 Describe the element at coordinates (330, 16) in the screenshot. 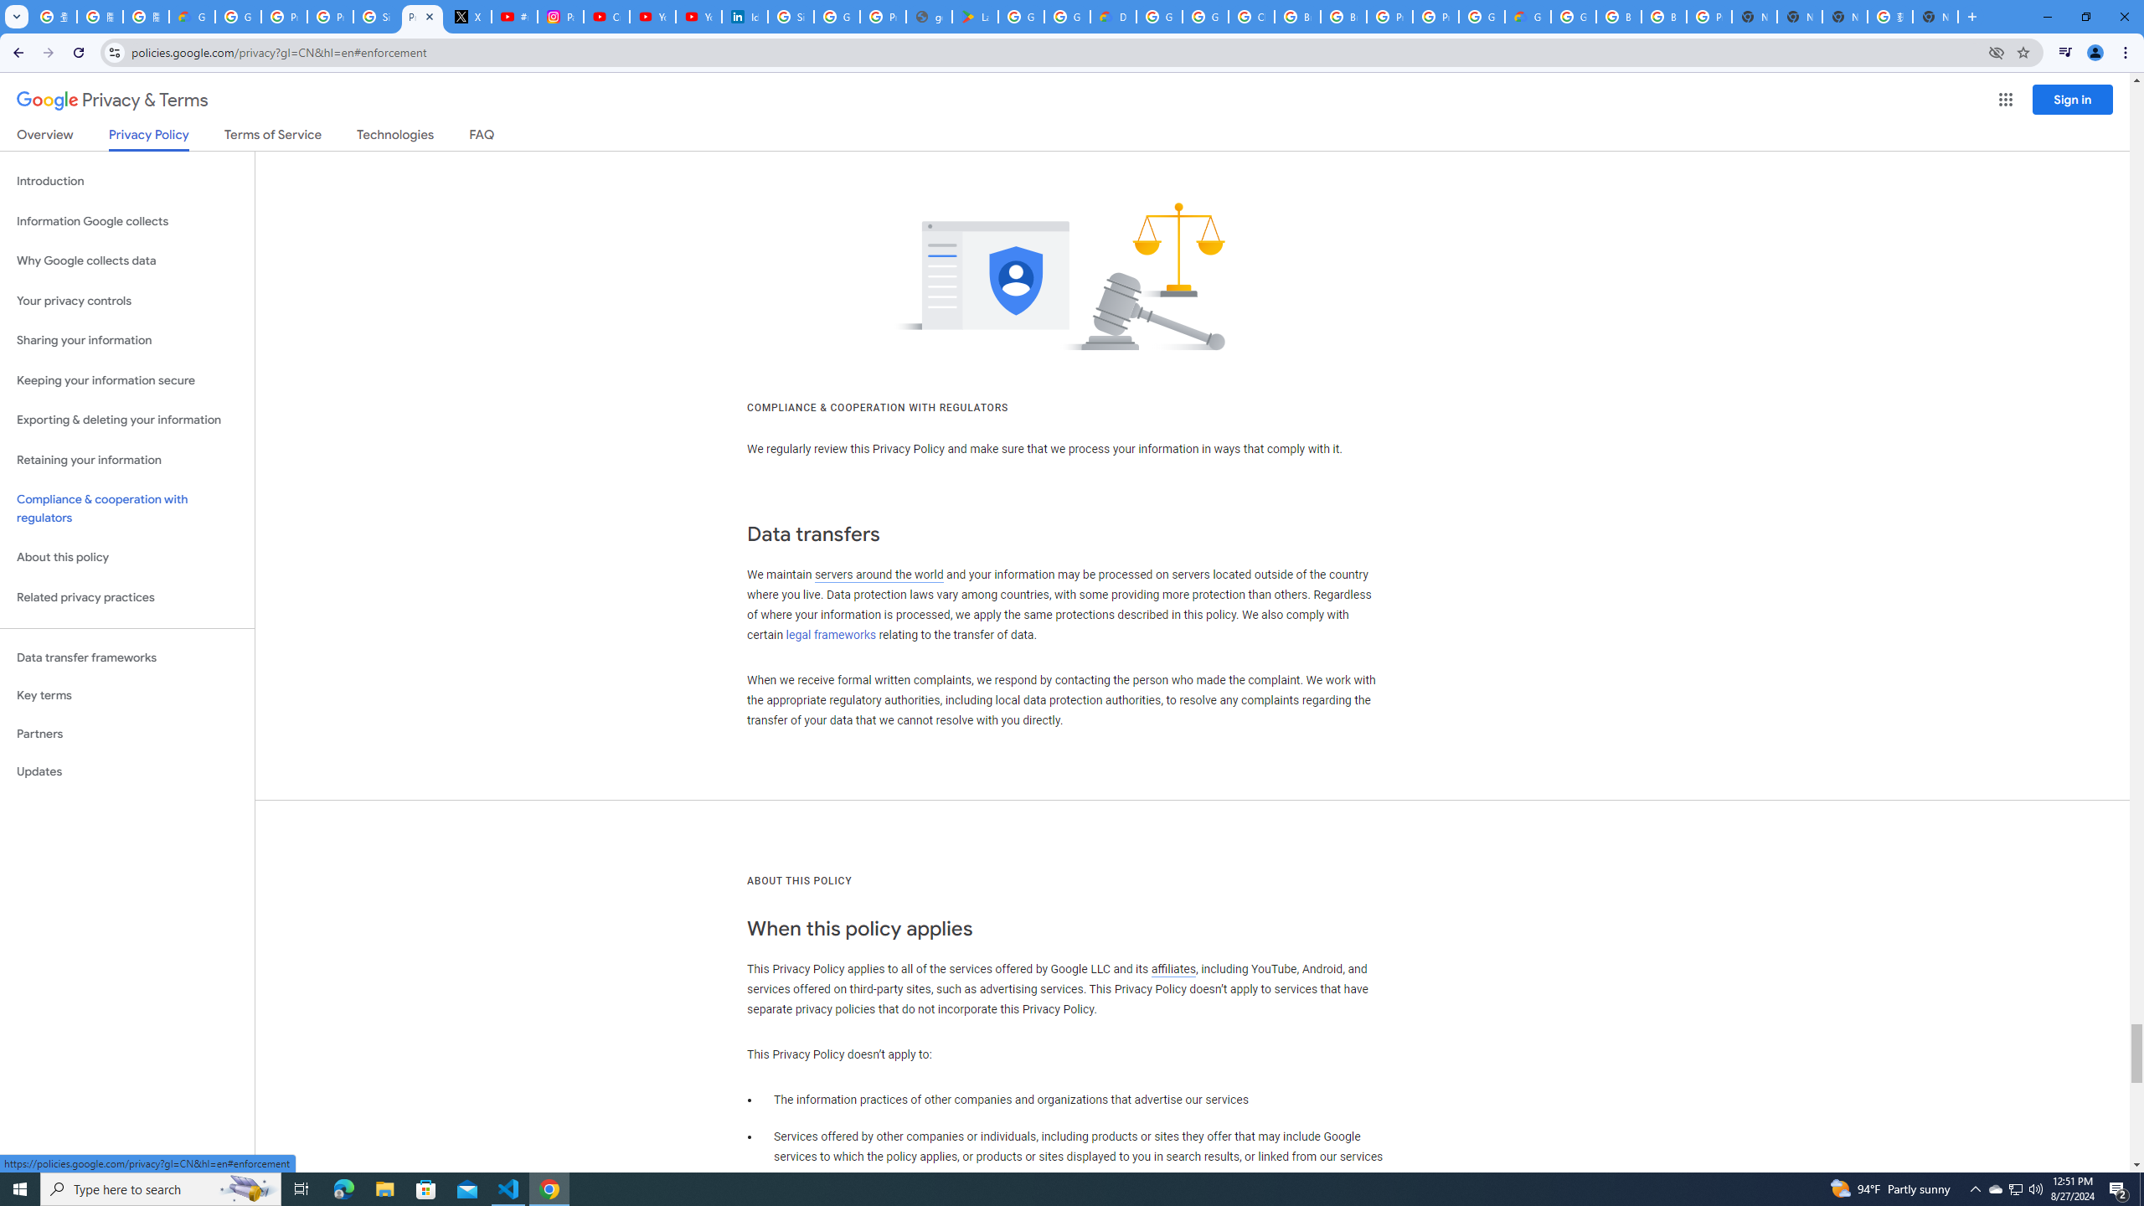

I see `'Privacy Help Center - Policies Help'` at that location.